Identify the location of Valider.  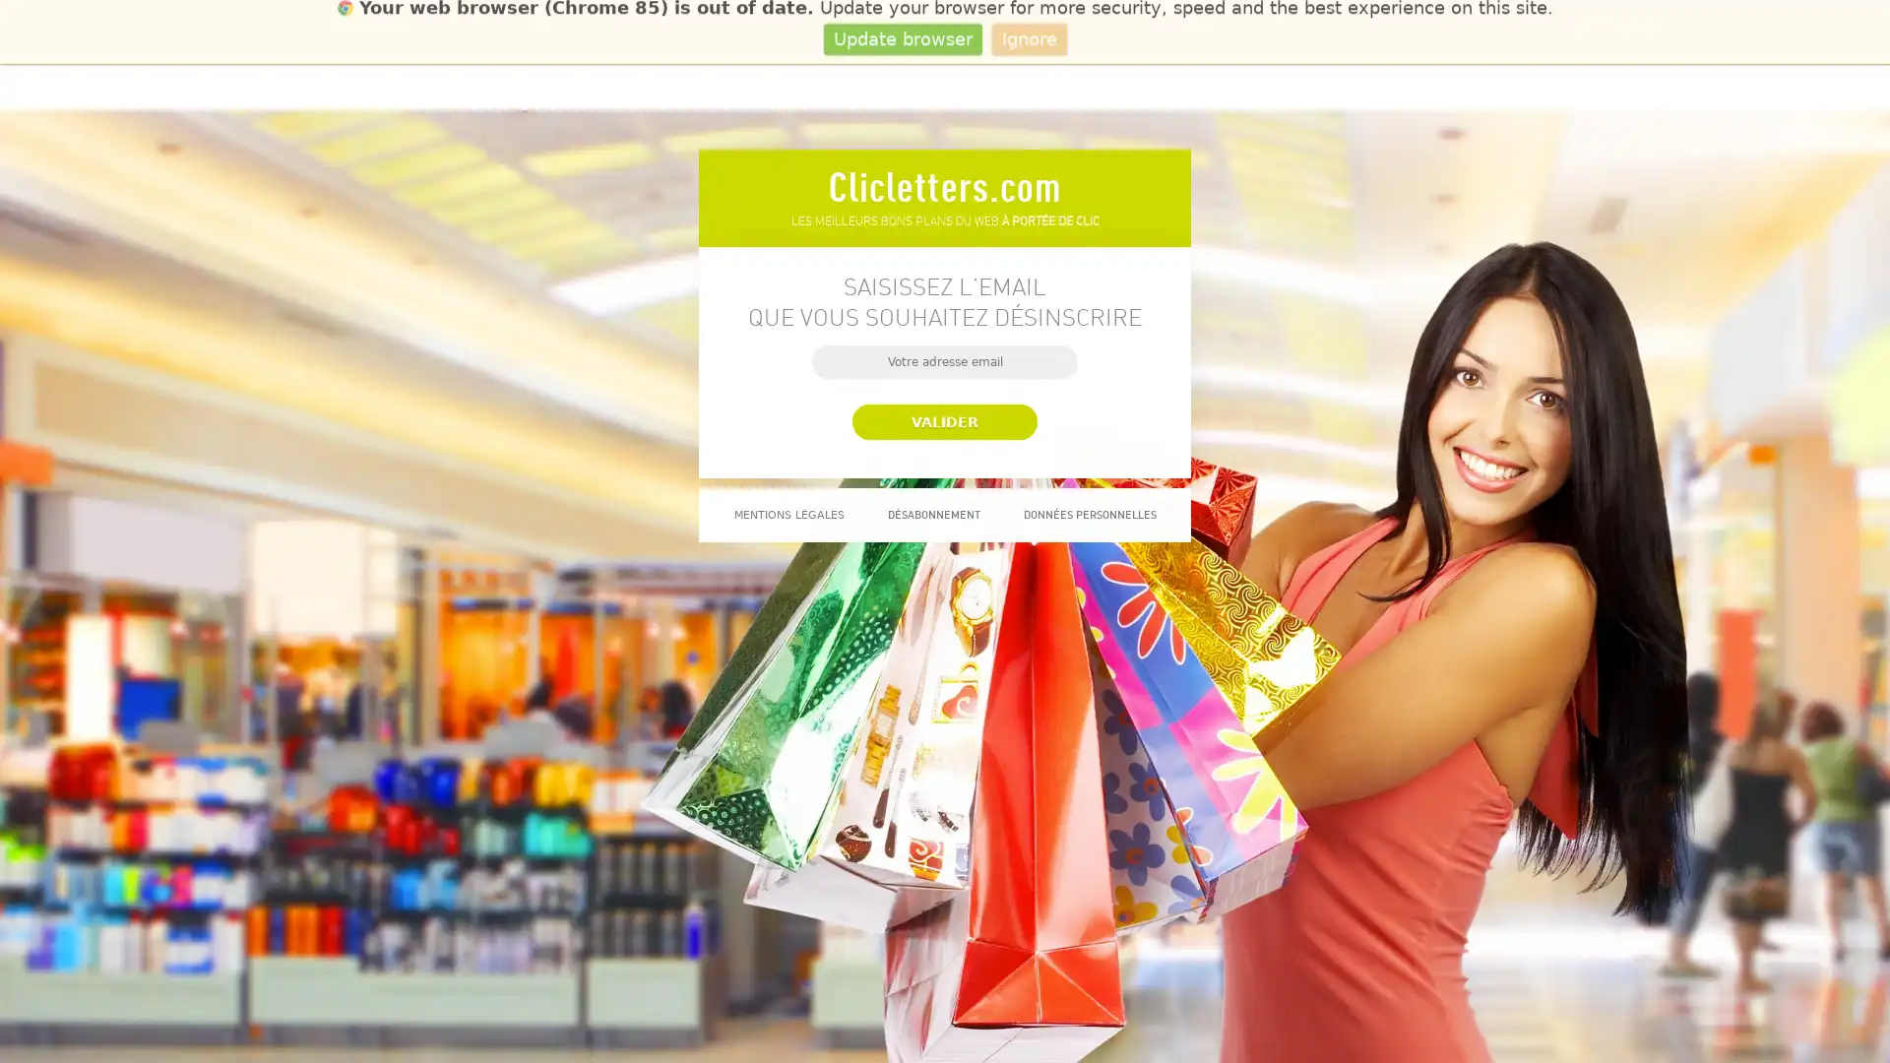
(945, 420).